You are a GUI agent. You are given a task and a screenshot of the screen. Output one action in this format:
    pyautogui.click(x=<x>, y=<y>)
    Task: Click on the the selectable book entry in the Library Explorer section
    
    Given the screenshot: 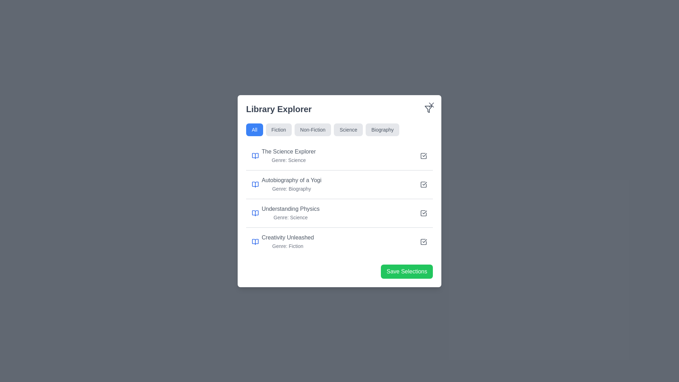 What is the action you would take?
    pyautogui.click(x=339, y=212)
    